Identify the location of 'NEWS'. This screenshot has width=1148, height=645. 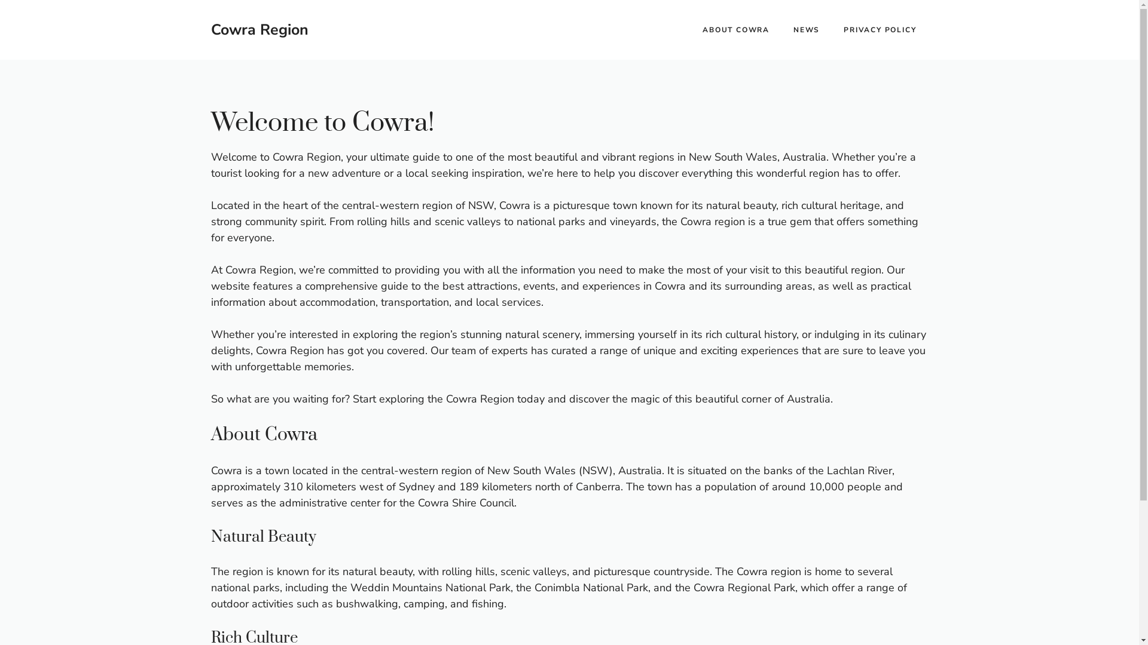
(806, 29).